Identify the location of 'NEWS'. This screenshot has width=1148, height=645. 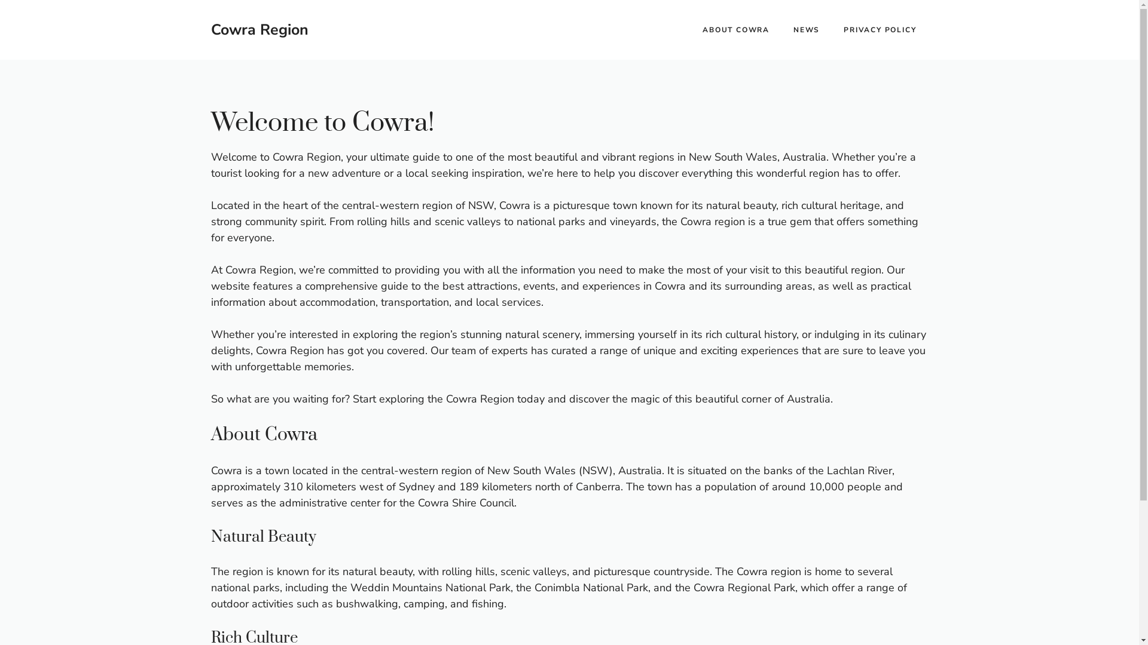
(806, 29).